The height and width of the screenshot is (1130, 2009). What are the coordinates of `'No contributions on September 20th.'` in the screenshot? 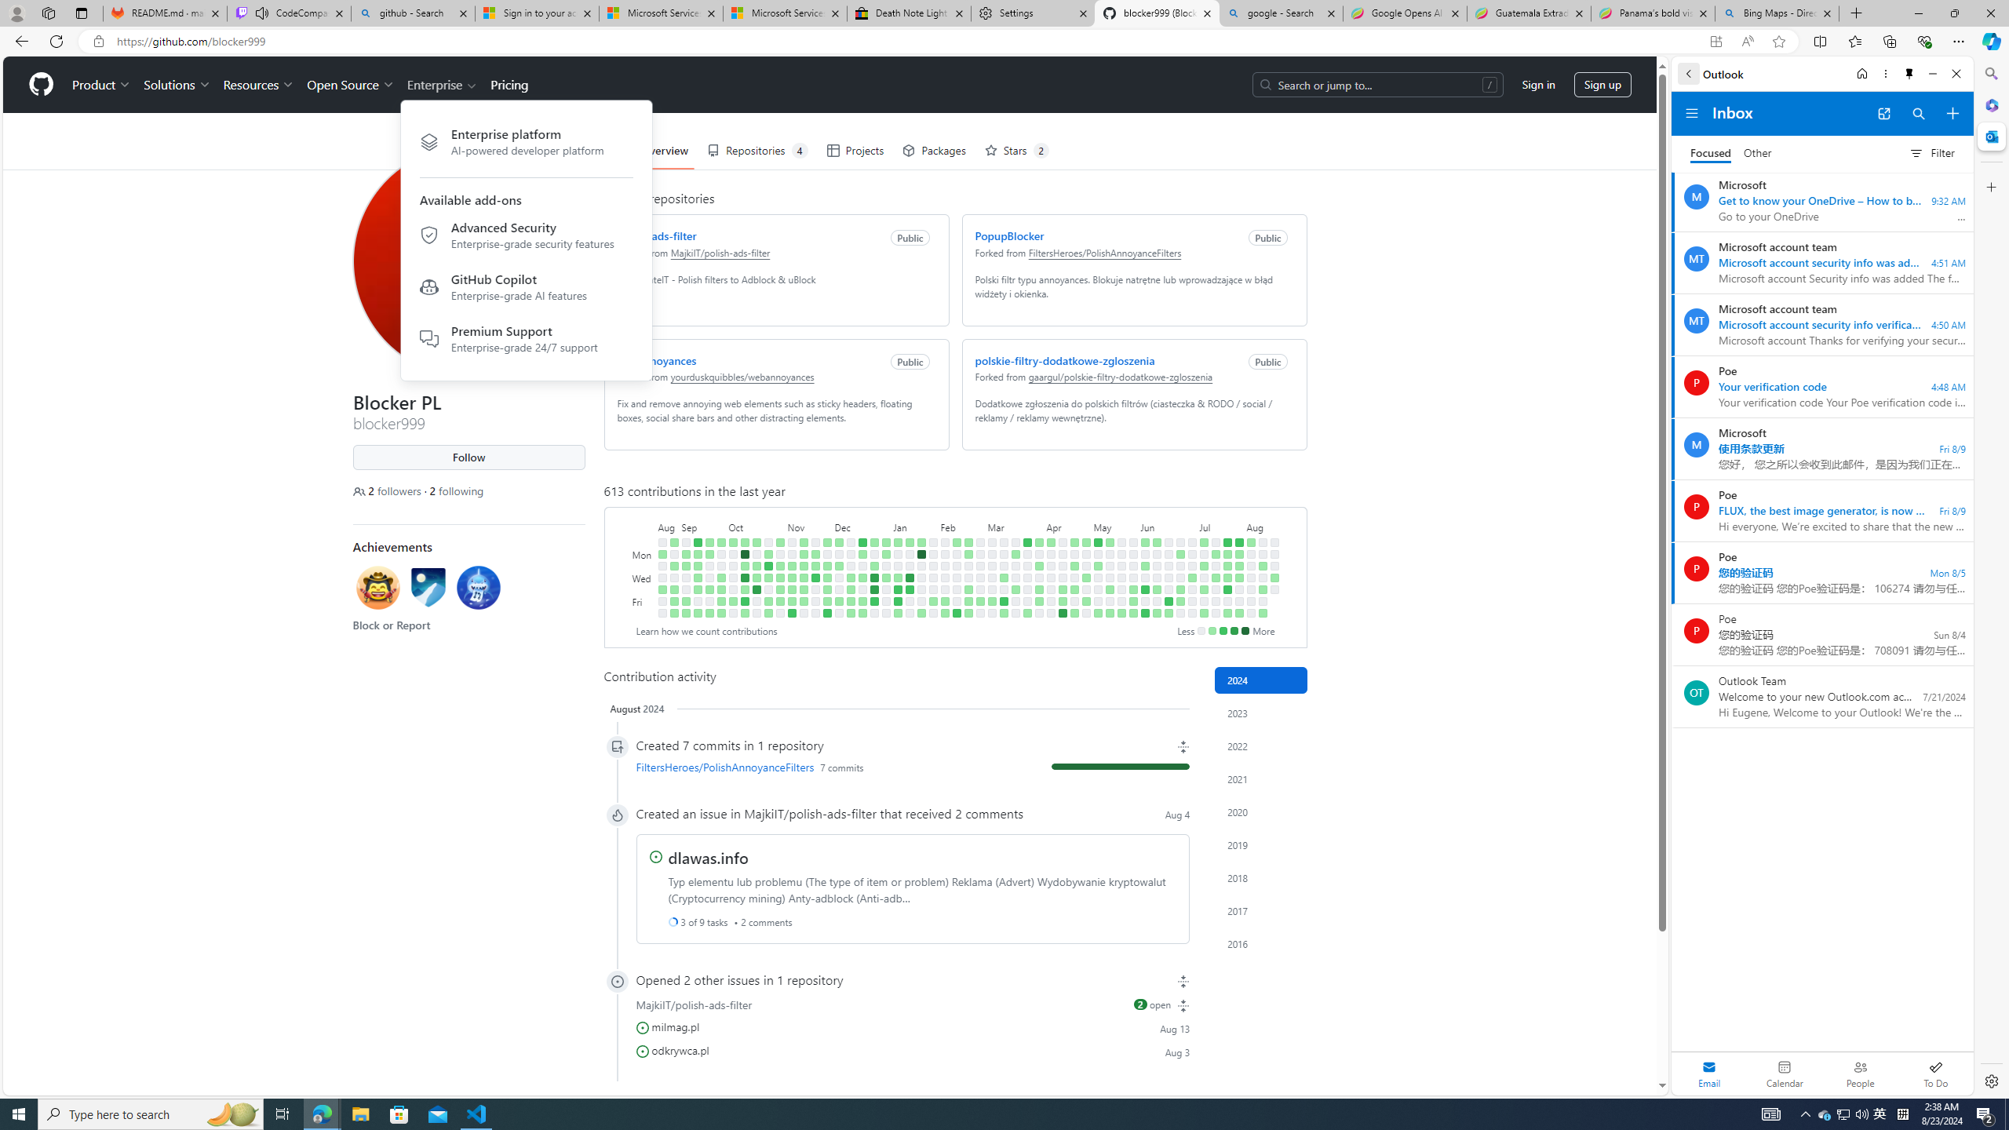 It's located at (708, 577).